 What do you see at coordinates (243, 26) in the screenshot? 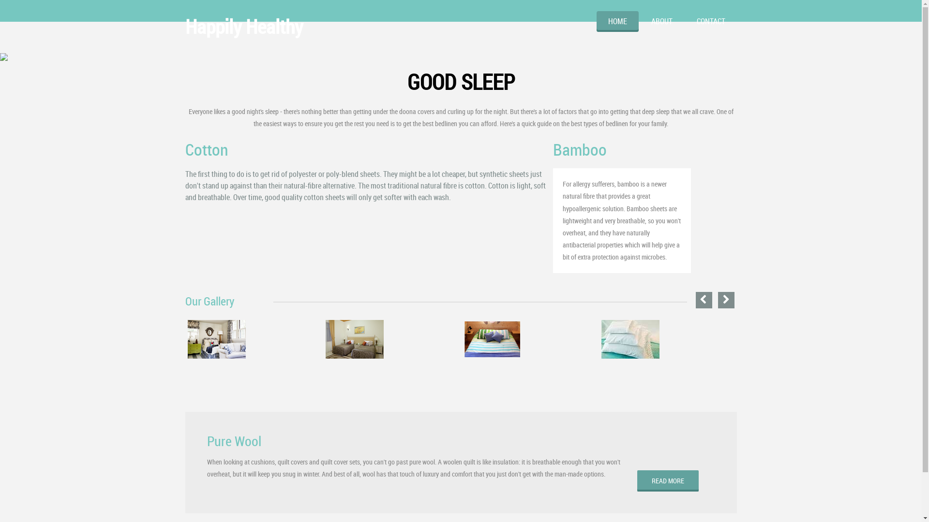
I see `'Happily Healthy'` at bounding box center [243, 26].